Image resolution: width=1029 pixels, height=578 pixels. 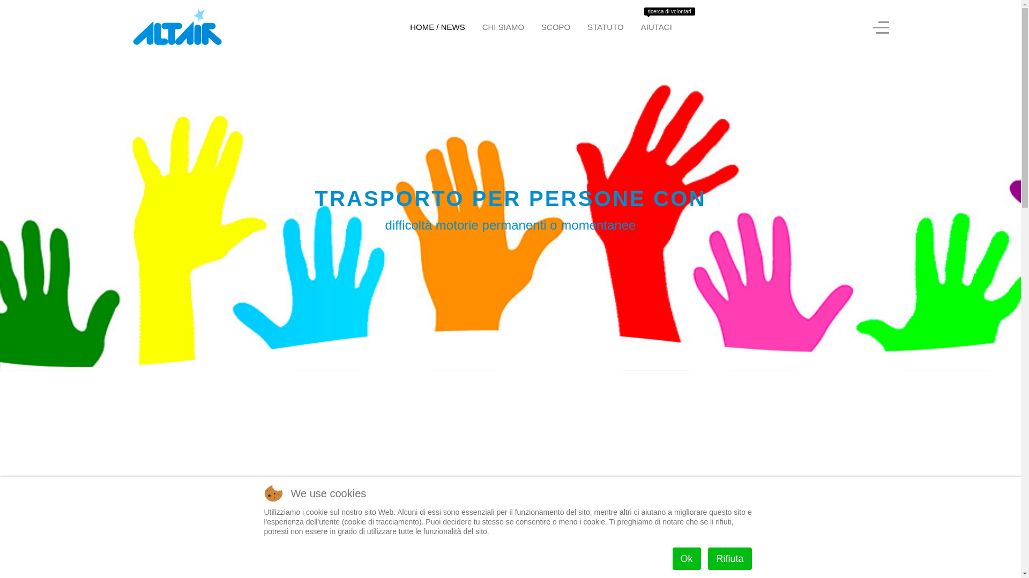 I want to click on 'Rifiuta', so click(x=729, y=558).